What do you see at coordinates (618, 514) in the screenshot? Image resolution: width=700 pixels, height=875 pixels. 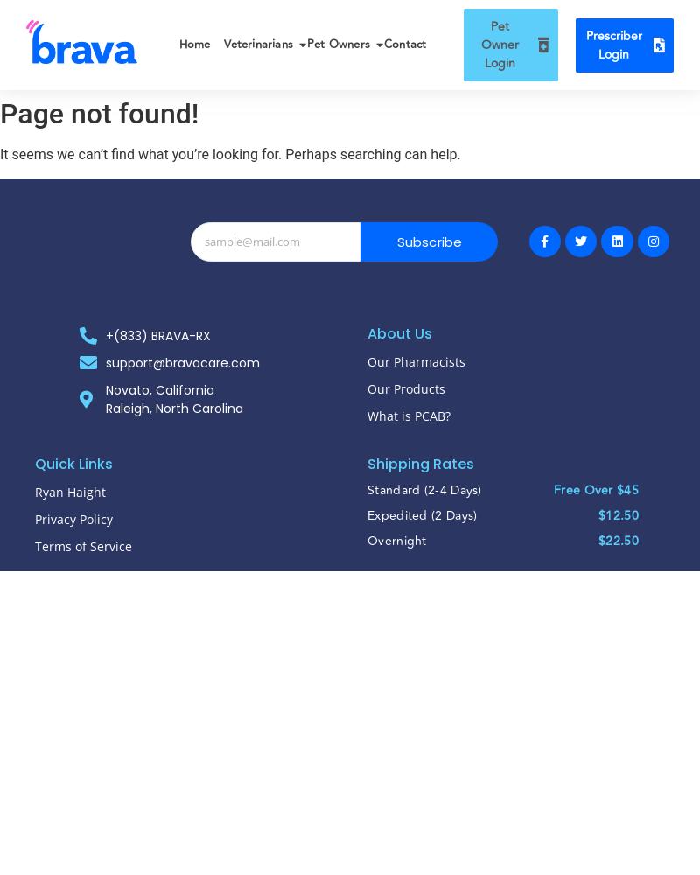 I see `'$12.50'` at bounding box center [618, 514].